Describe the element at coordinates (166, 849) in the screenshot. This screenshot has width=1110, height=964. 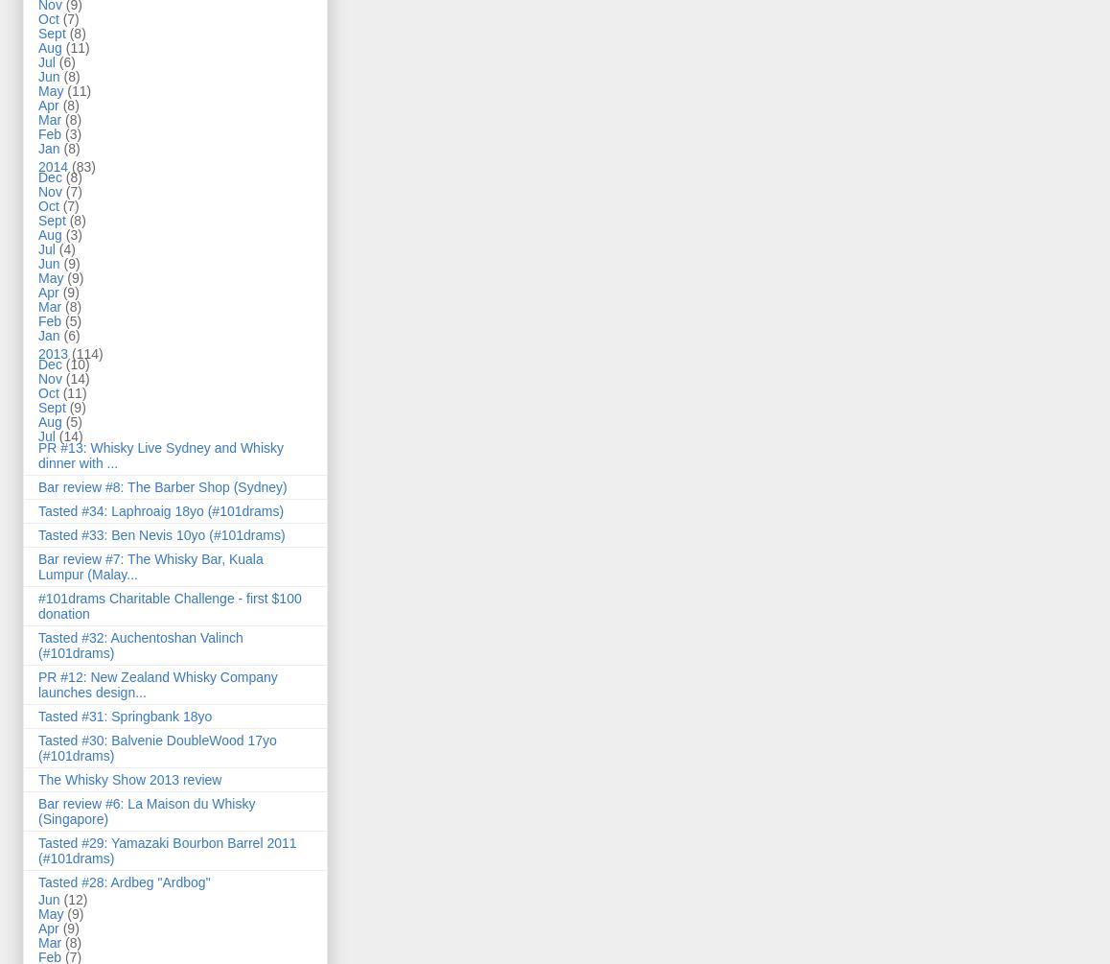
I see `'Tasted #29: Yamazaki Bourbon Barrel 2011 (#101drams)'` at that location.